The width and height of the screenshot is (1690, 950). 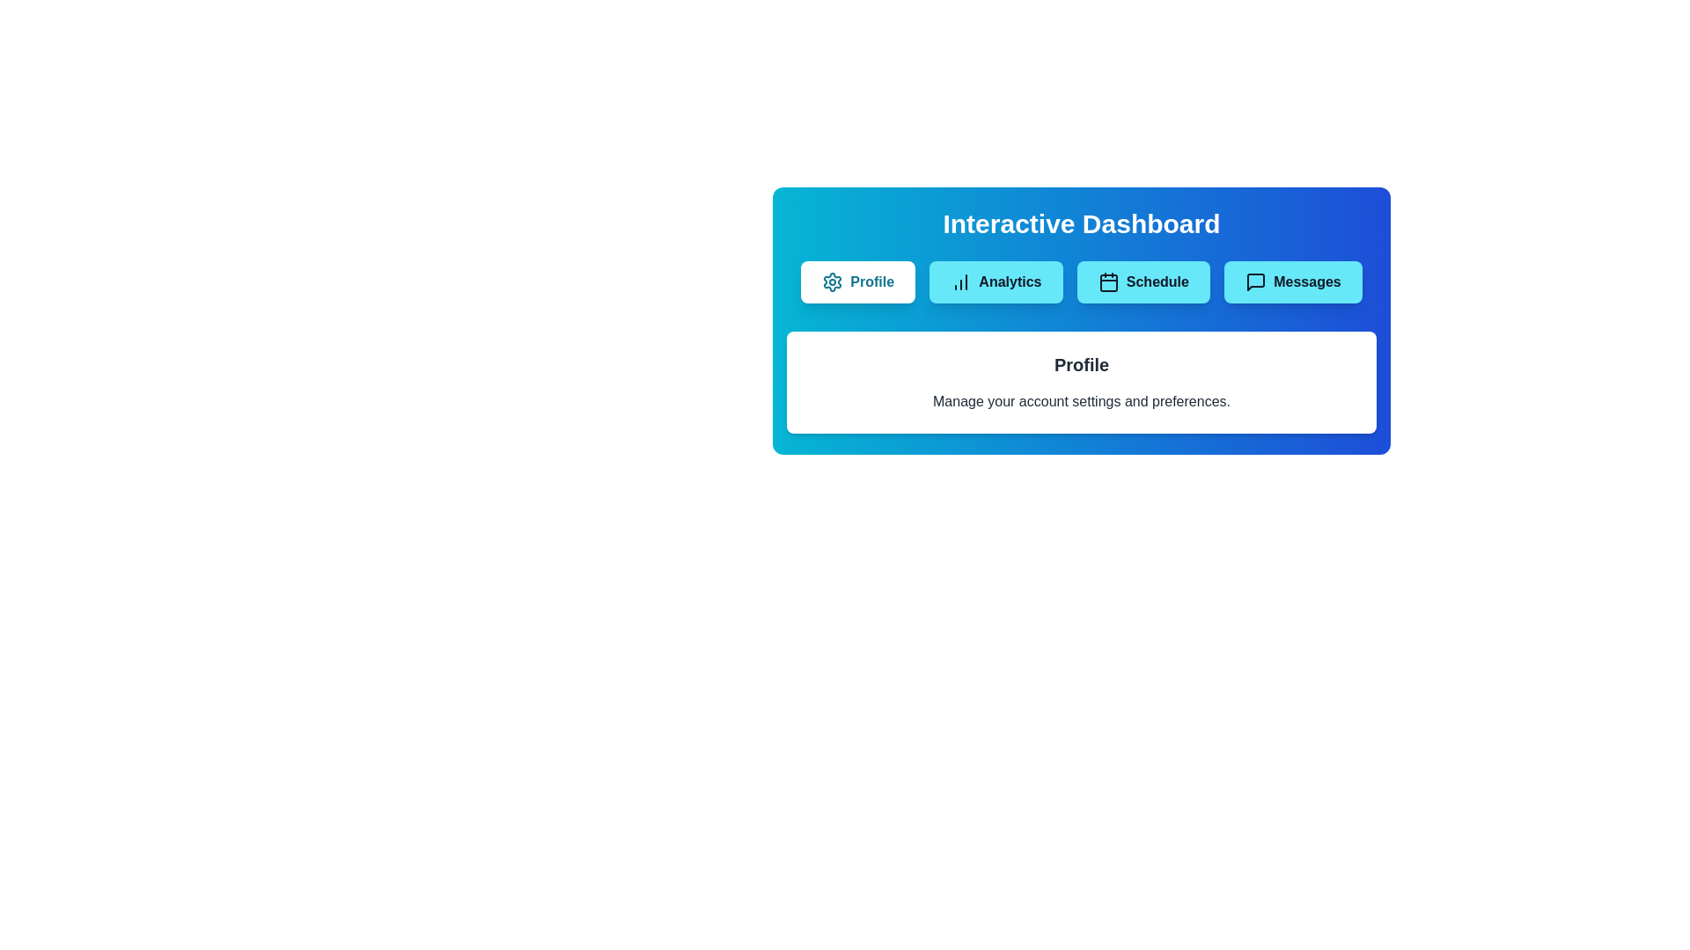 I want to click on the tab labeled Profile to view its content, so click(x=857, y=281).